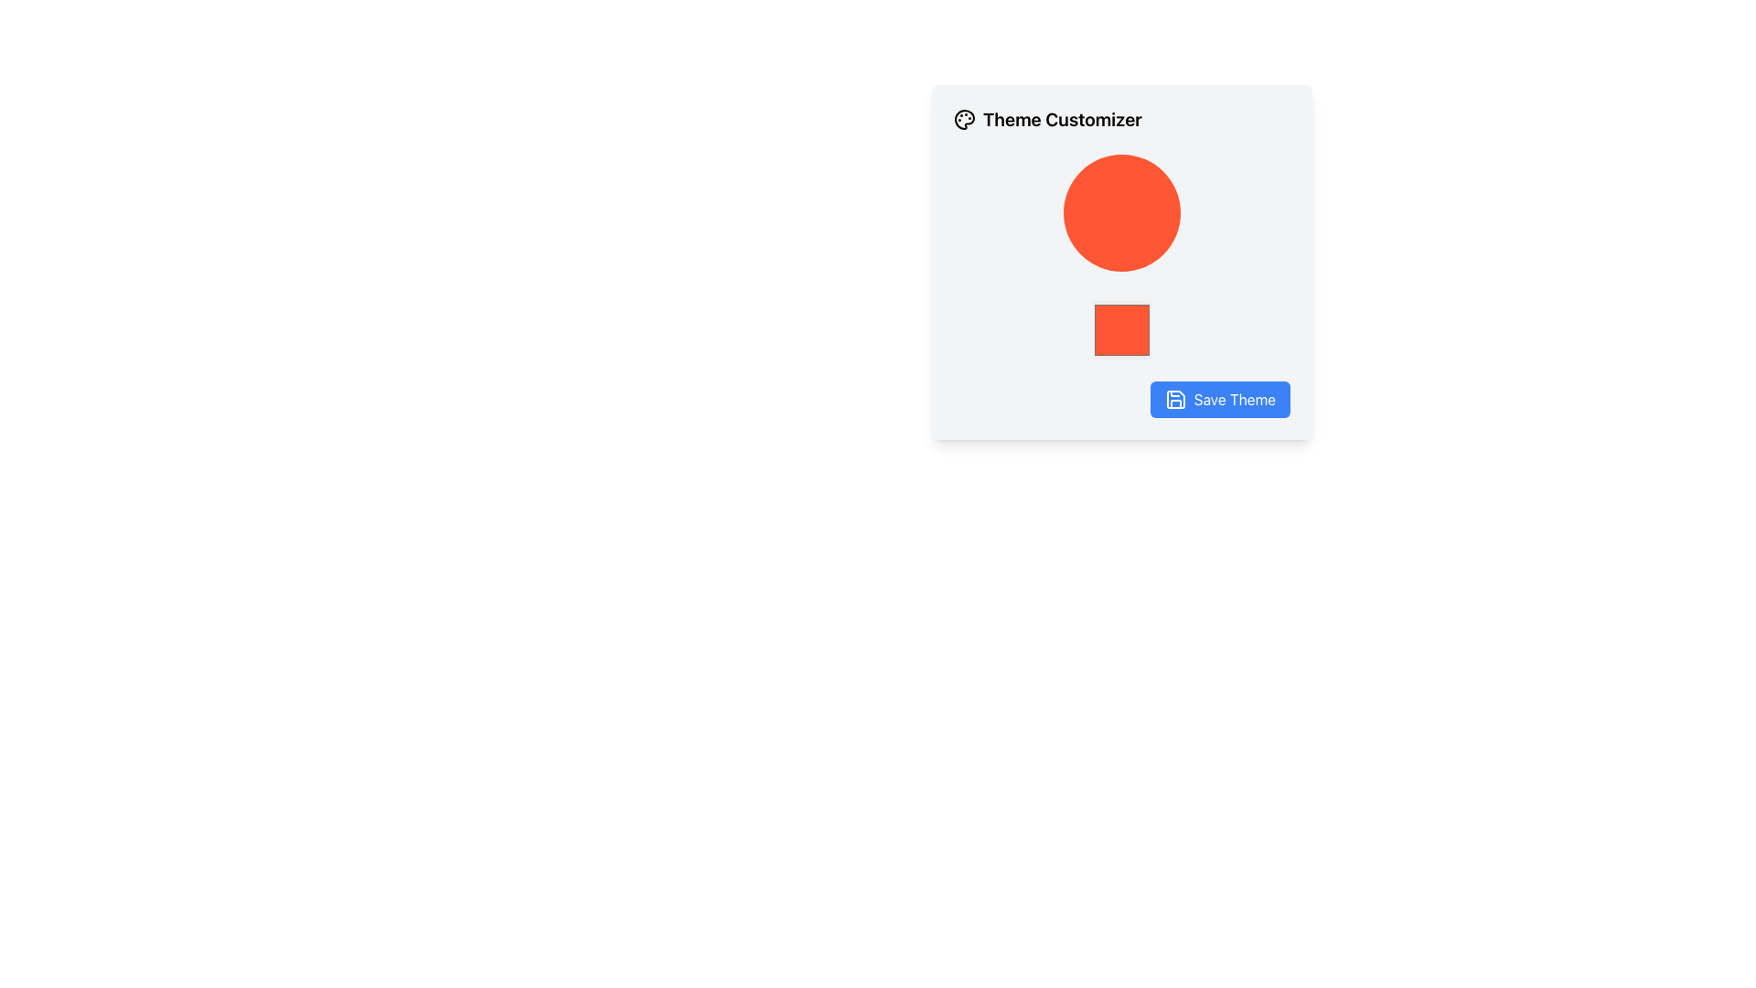  I want to click on header text with icon indicating theme customization, located at the top-left of the modal, so click(1047, 120).